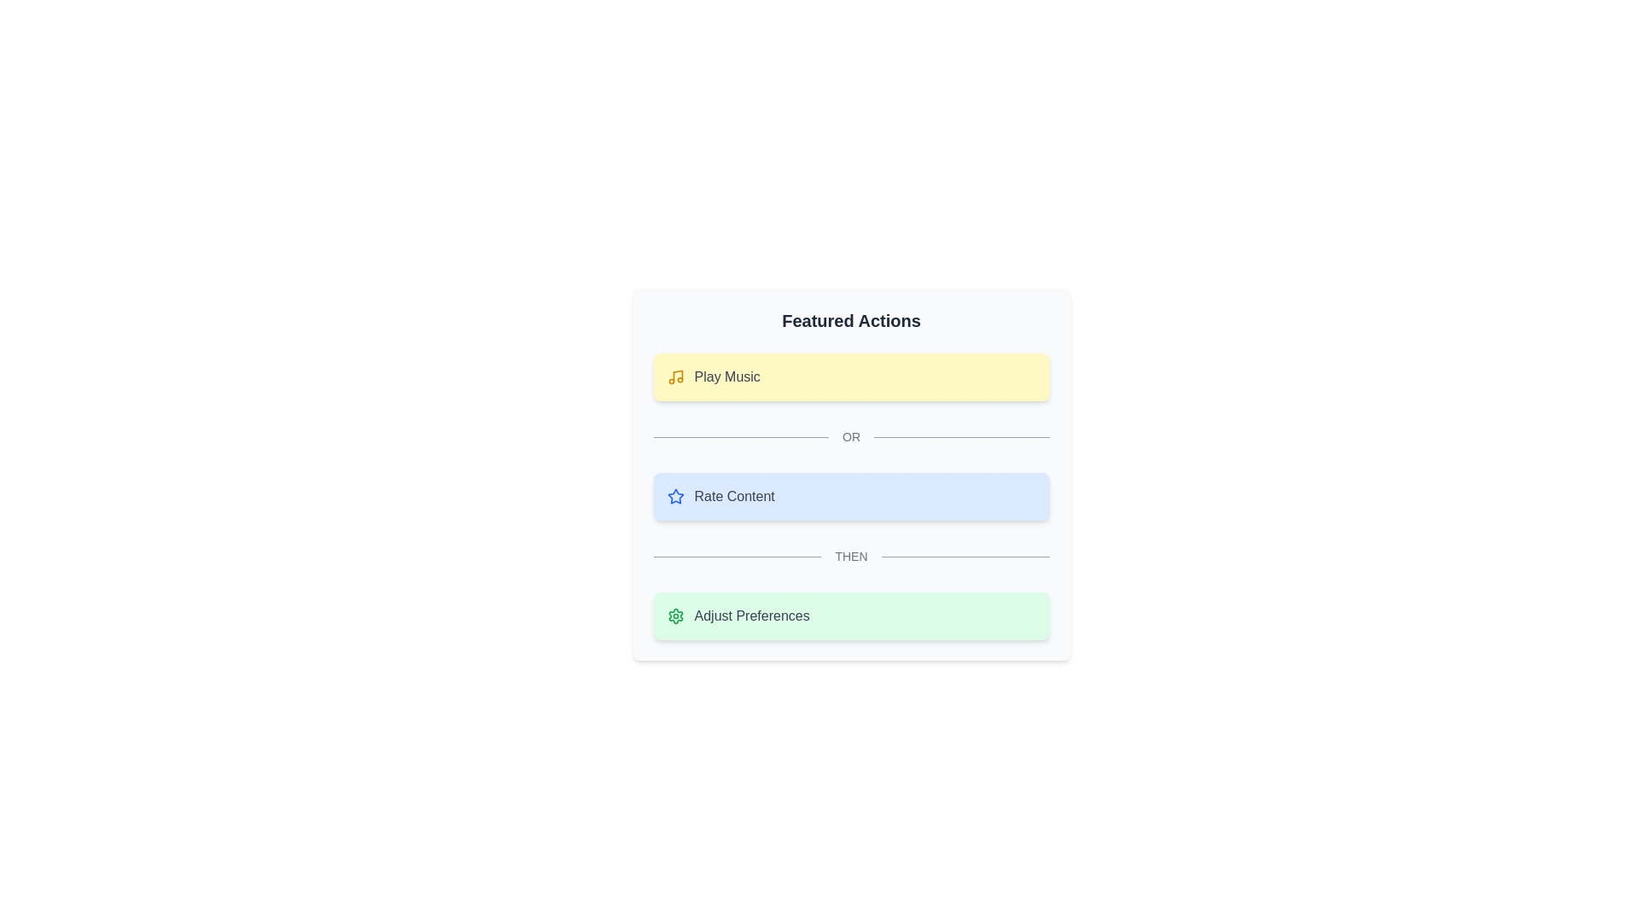 Image resolution: width=1639 pixels, height=922 pixels. Describe the element at coordinates (674, 616) in the screenshot. I see `the settings icon located in the lower portion of the interface under the 'Adjust Preferences' section` at that location.